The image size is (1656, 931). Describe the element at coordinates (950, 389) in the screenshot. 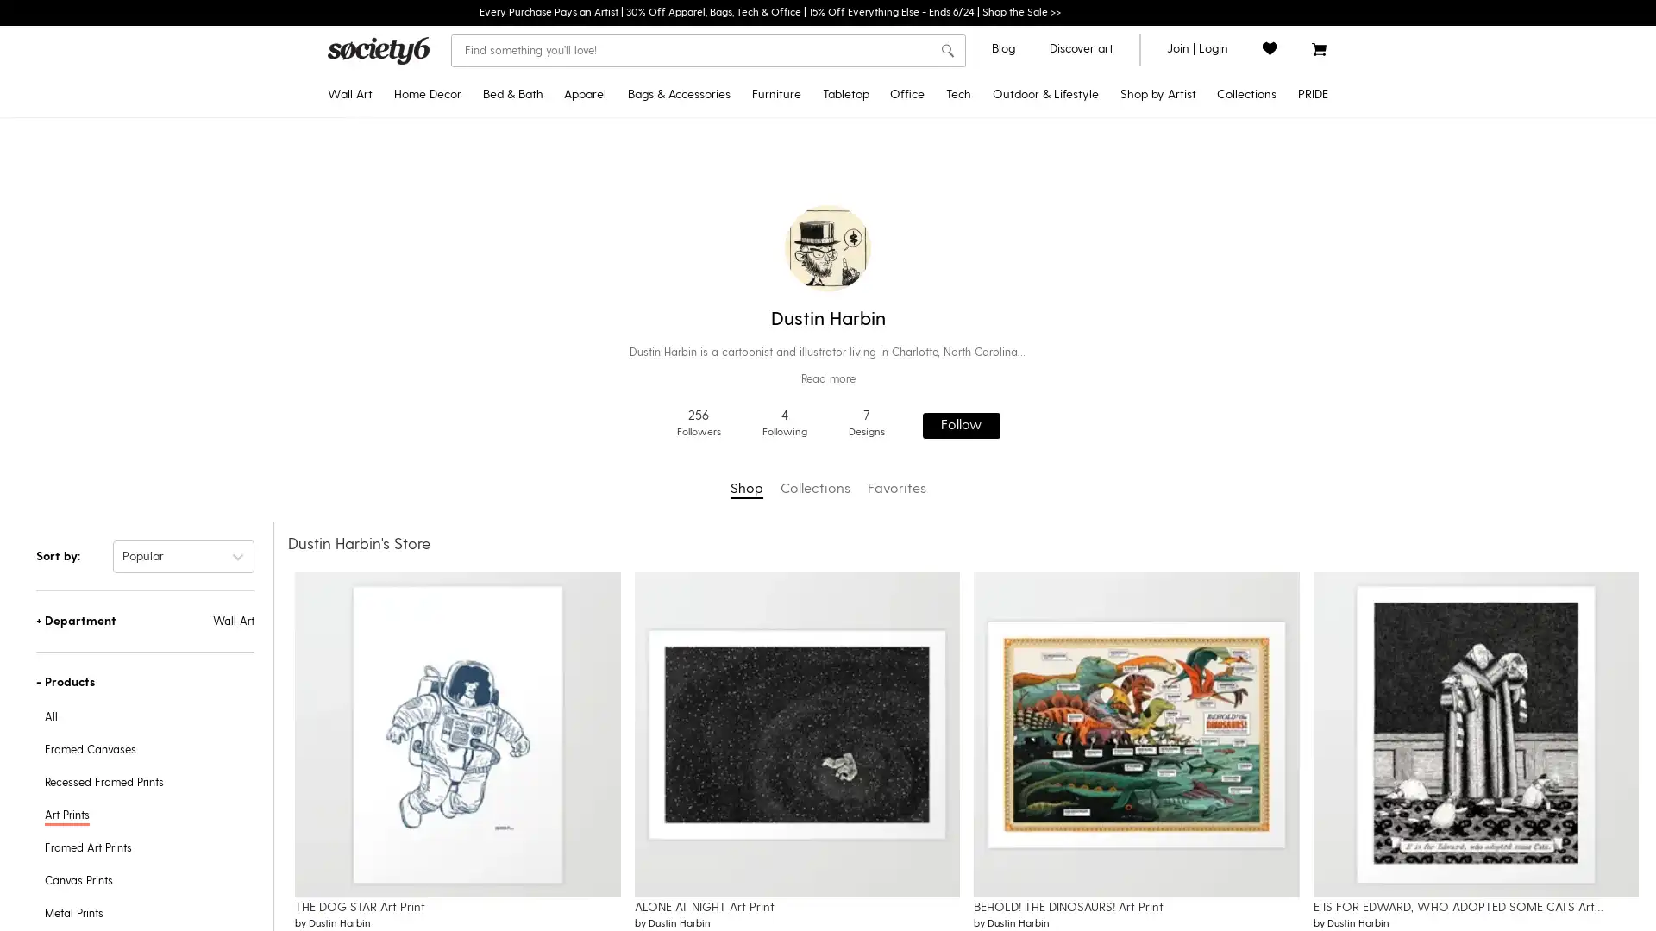

I see `Greeting Cards` at that location.